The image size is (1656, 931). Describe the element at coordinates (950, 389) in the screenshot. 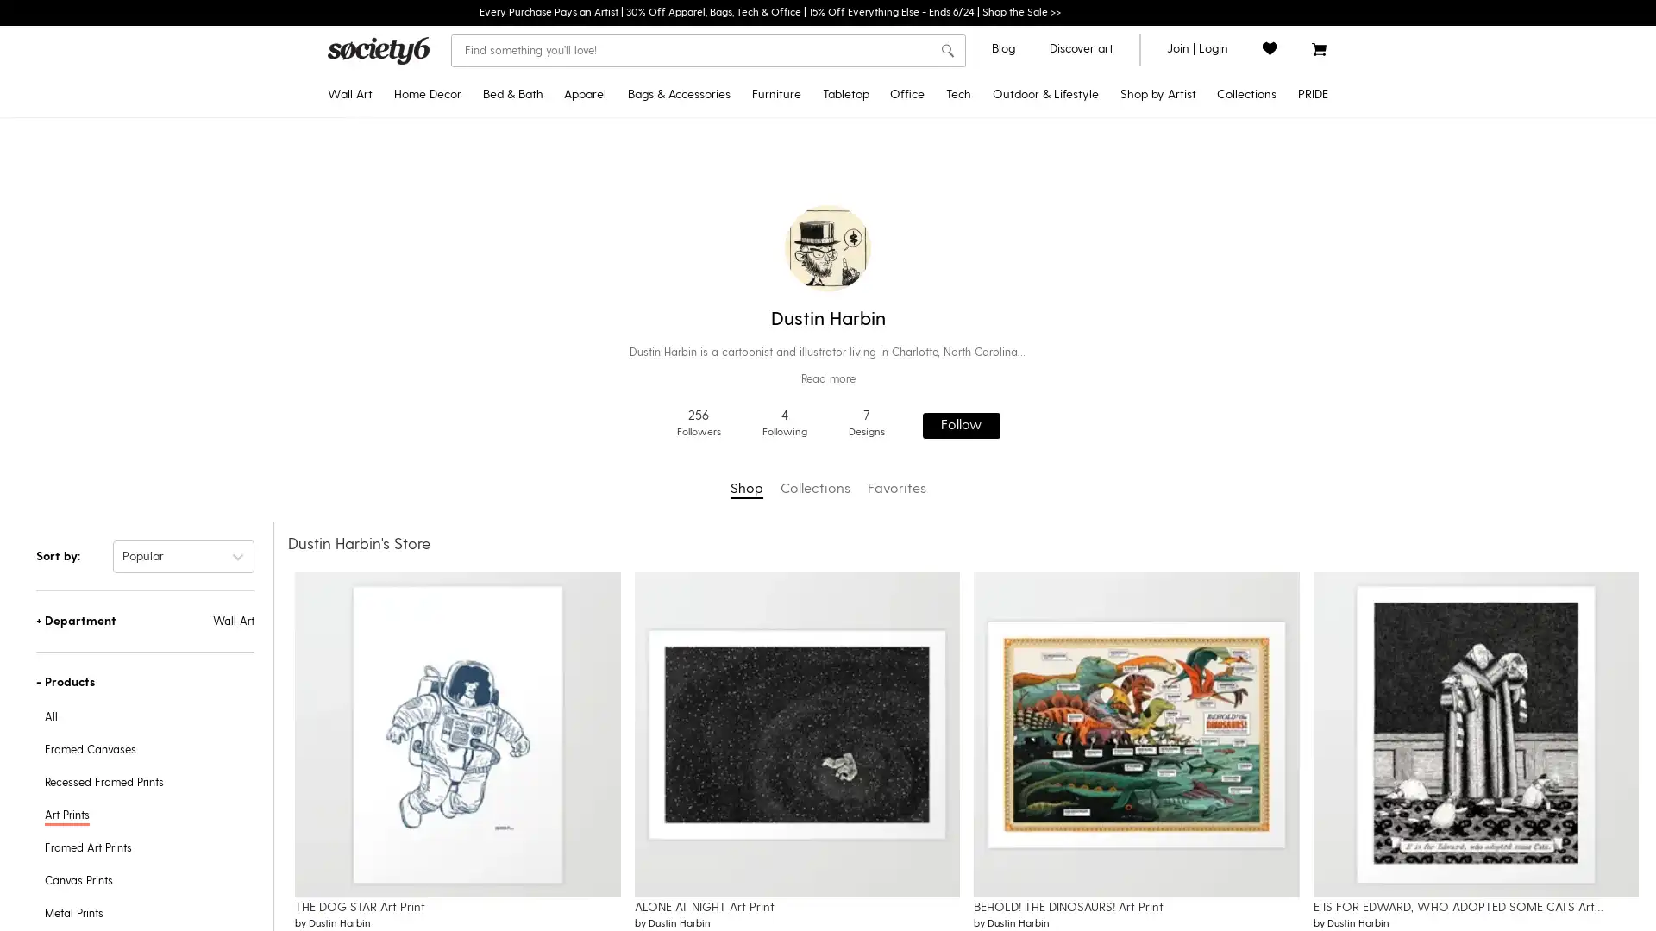

I see `Greeting Cards` at that location.